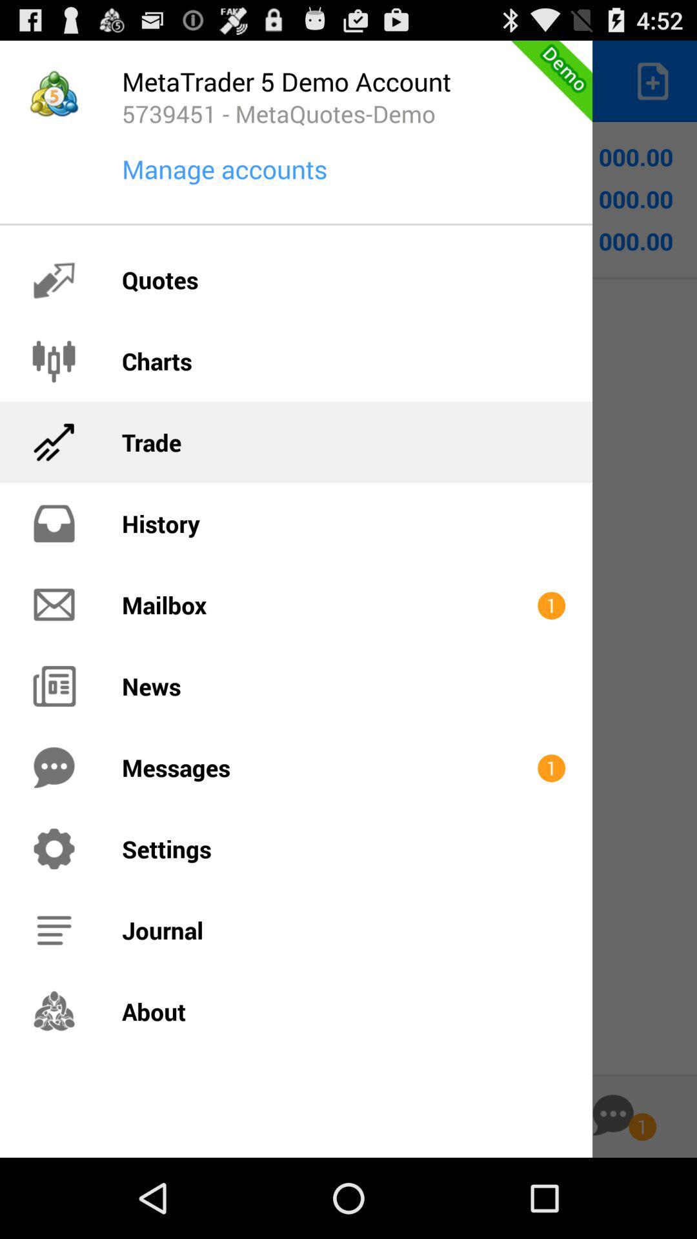  What do you see at coordinates (612, 1193) in the screenshot?
I see `the chat icon` at bounding box center [612, 1193].